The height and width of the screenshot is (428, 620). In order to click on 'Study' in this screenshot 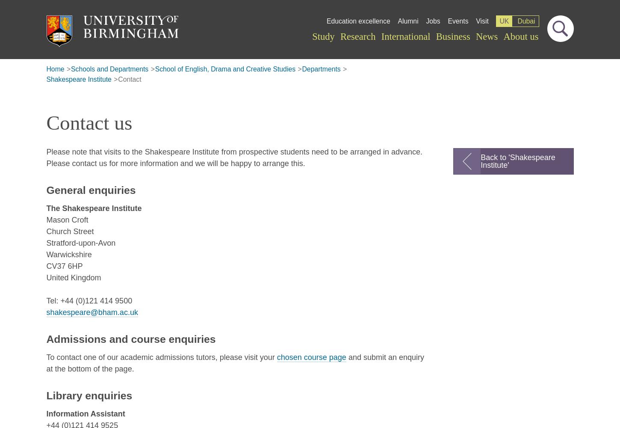, I will do `click(312, 36)`.